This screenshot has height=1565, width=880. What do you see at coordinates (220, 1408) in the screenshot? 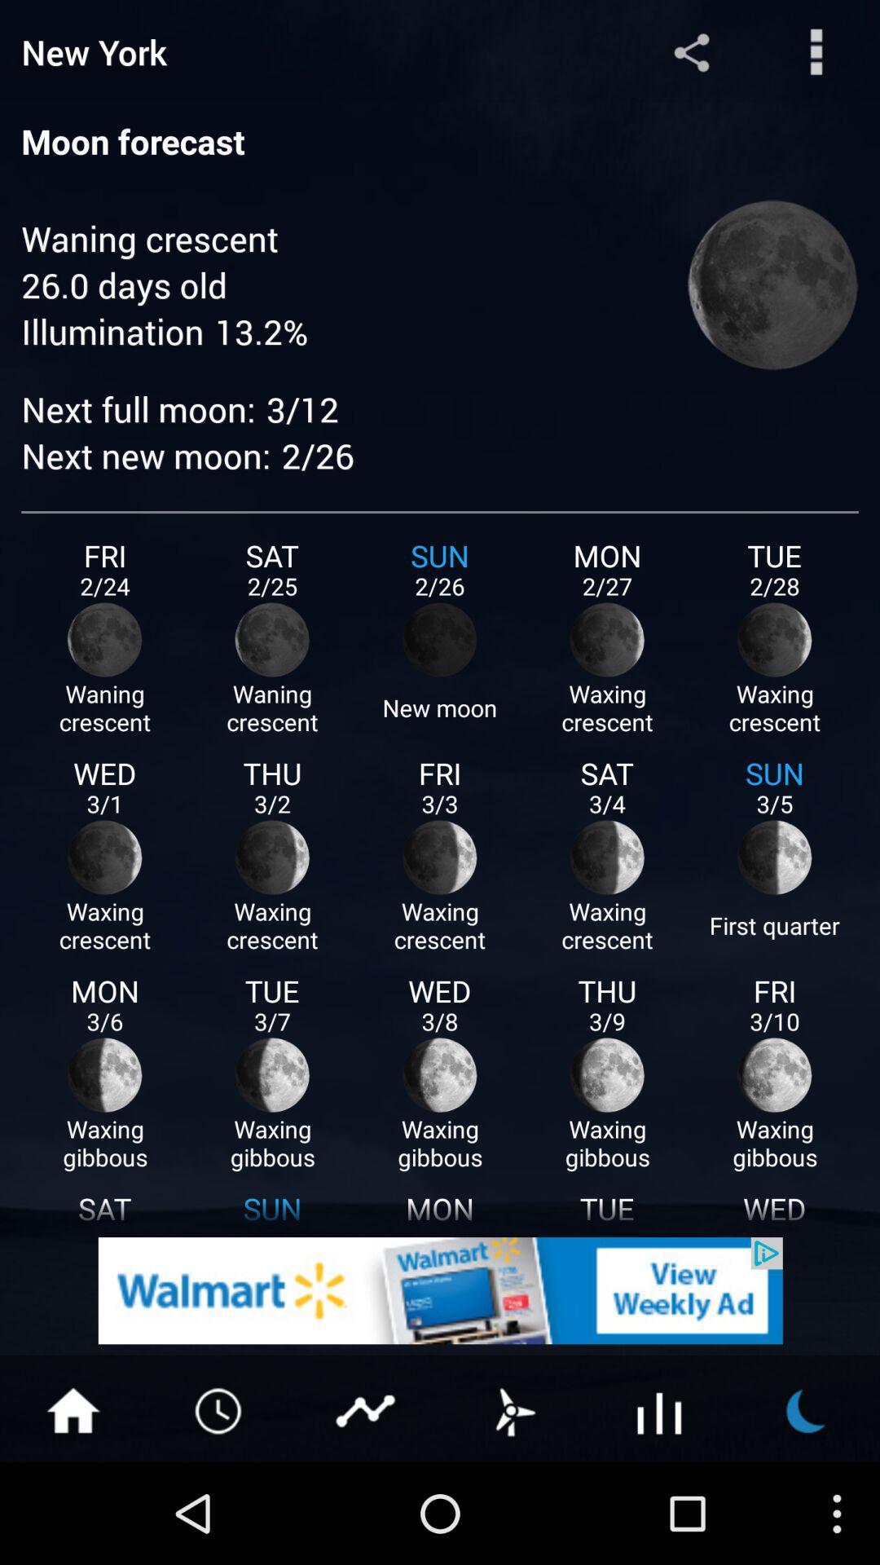
I see `time settings` at bounding box center [220, 1408].